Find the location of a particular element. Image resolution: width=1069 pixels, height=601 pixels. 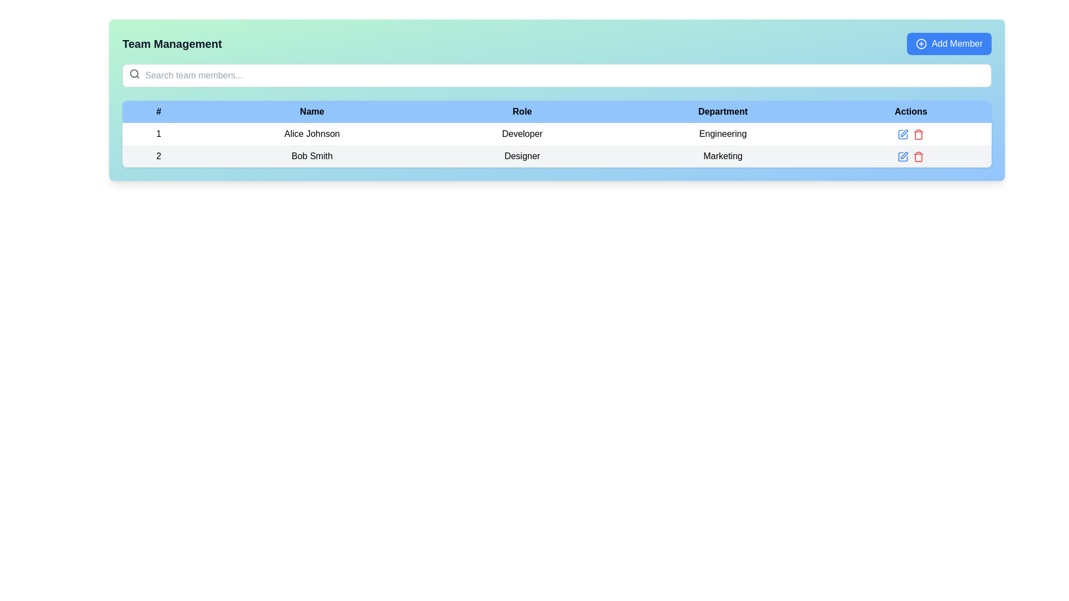

the search icon located at the top left corner of the search bar, which symbolizes the search function is located at coordinates (134, 73).